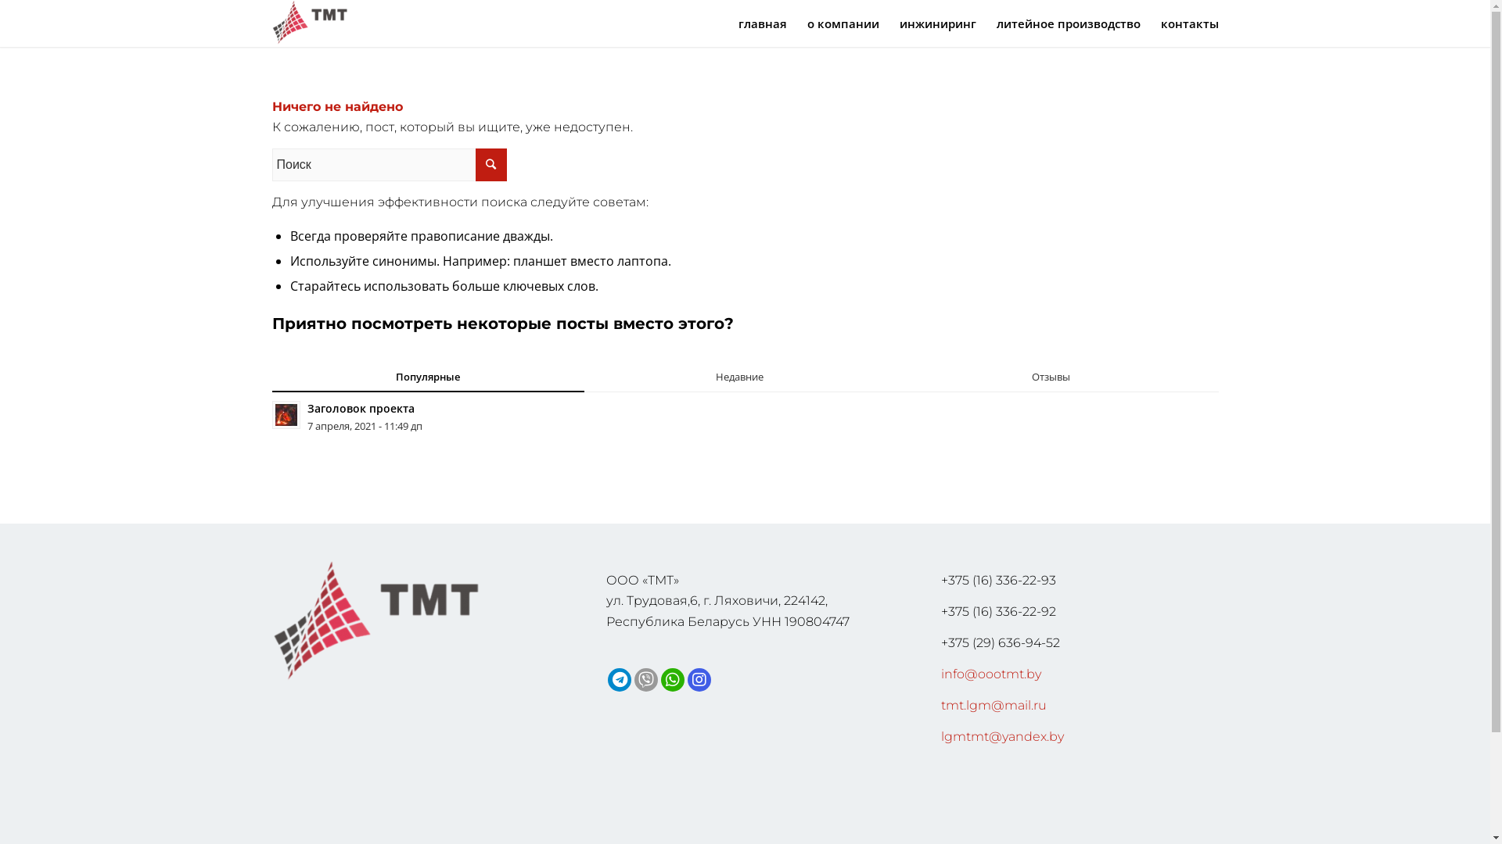 This screenshot has width=1502, height=844. Describe the element at coordinates (665, 679) in the screenshot. I see `'whatsapp'` at that location.